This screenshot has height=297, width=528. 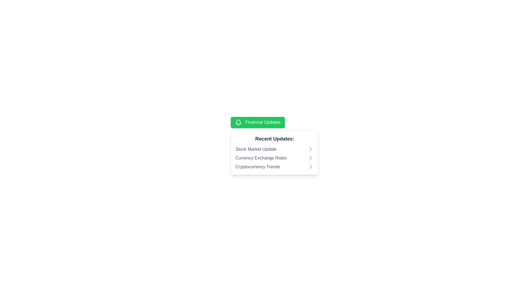 What do you see at coordinates (238, 122) in the screenshot?
I see `the bell-shaped icon with a green background located to the left of the 'Financial Updates' button` at bounding box center [238, 122].